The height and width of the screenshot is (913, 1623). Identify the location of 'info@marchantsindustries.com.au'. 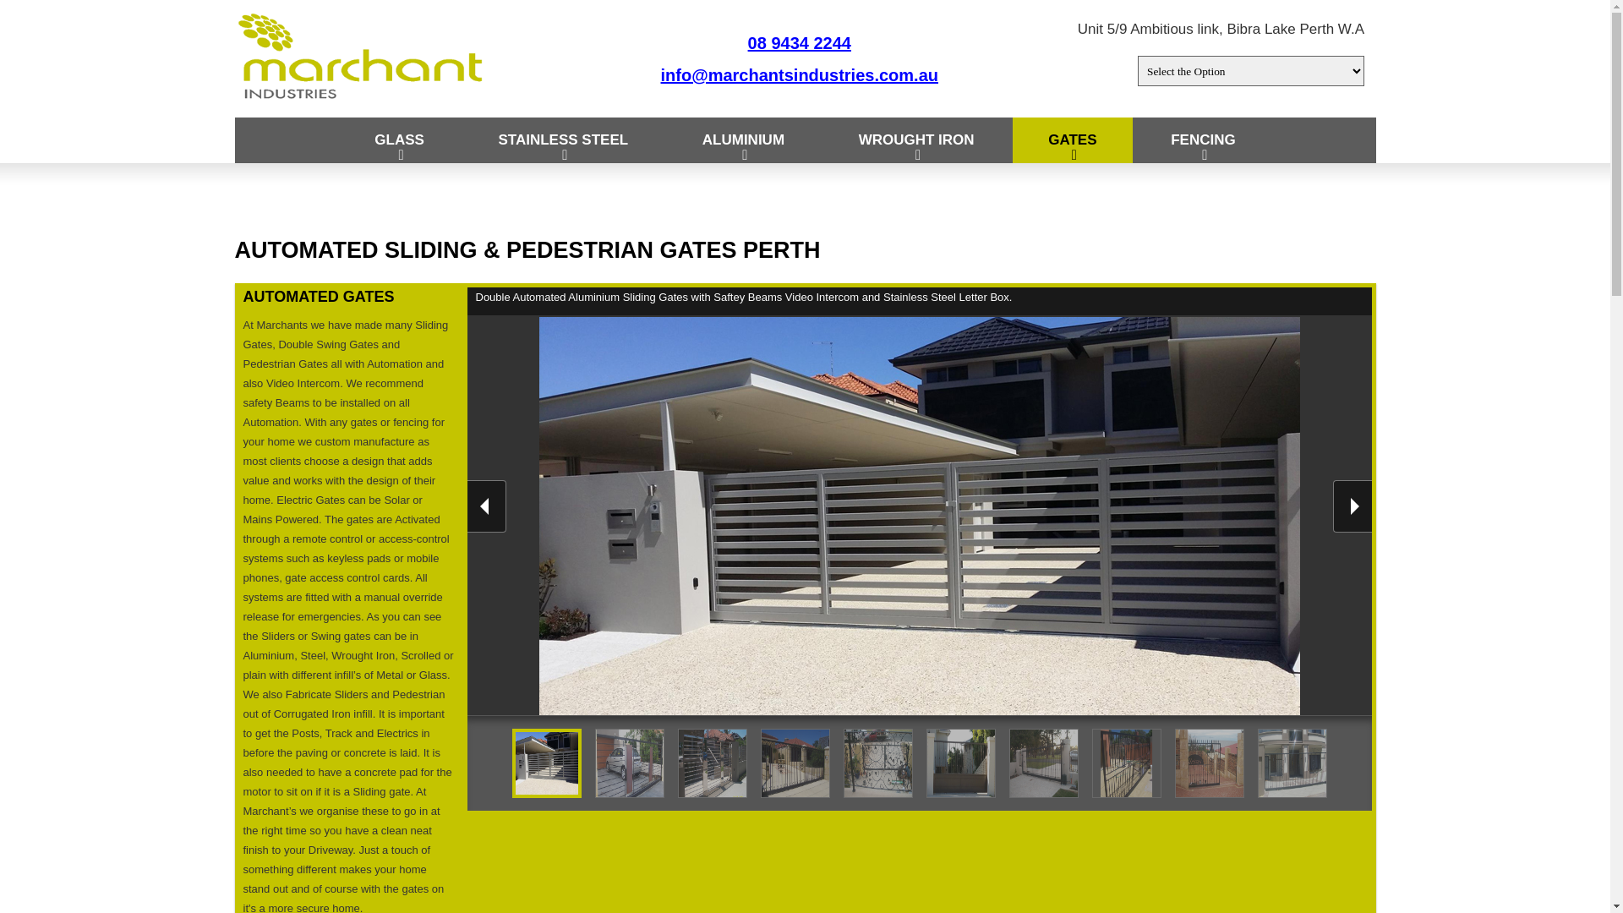
(798, 74).